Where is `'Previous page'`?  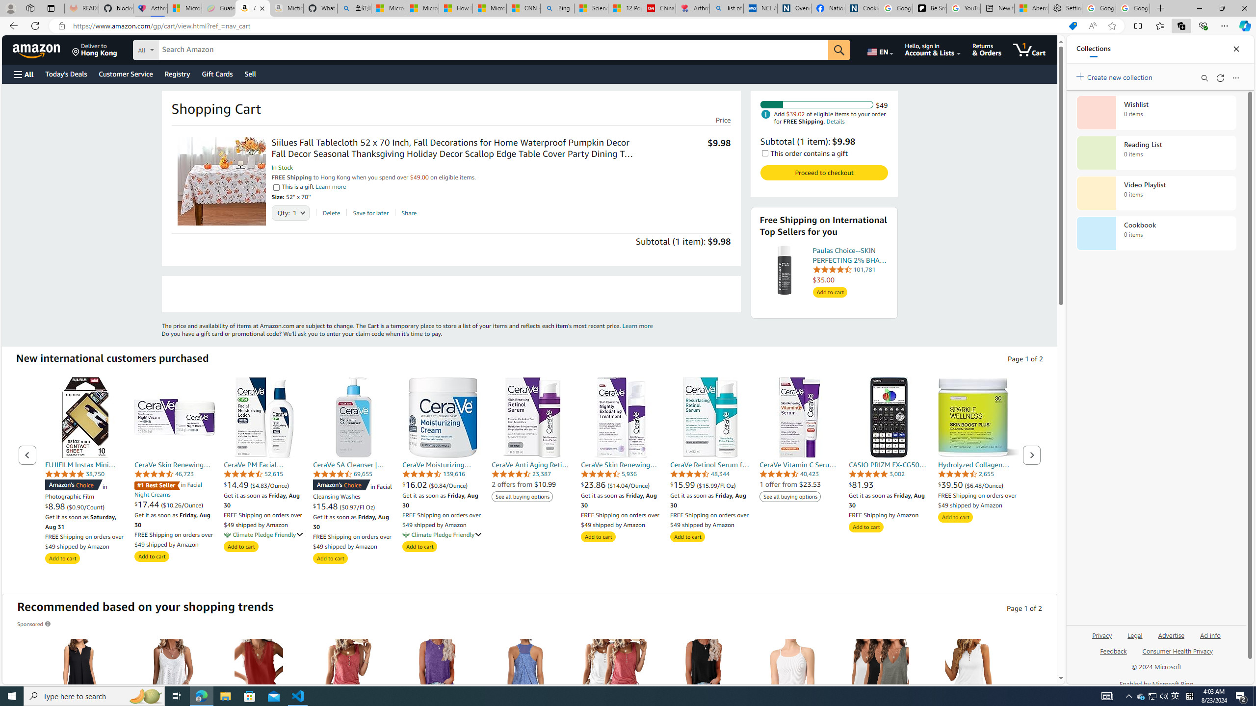 'Previous page' is located at coordinates (27, 454).